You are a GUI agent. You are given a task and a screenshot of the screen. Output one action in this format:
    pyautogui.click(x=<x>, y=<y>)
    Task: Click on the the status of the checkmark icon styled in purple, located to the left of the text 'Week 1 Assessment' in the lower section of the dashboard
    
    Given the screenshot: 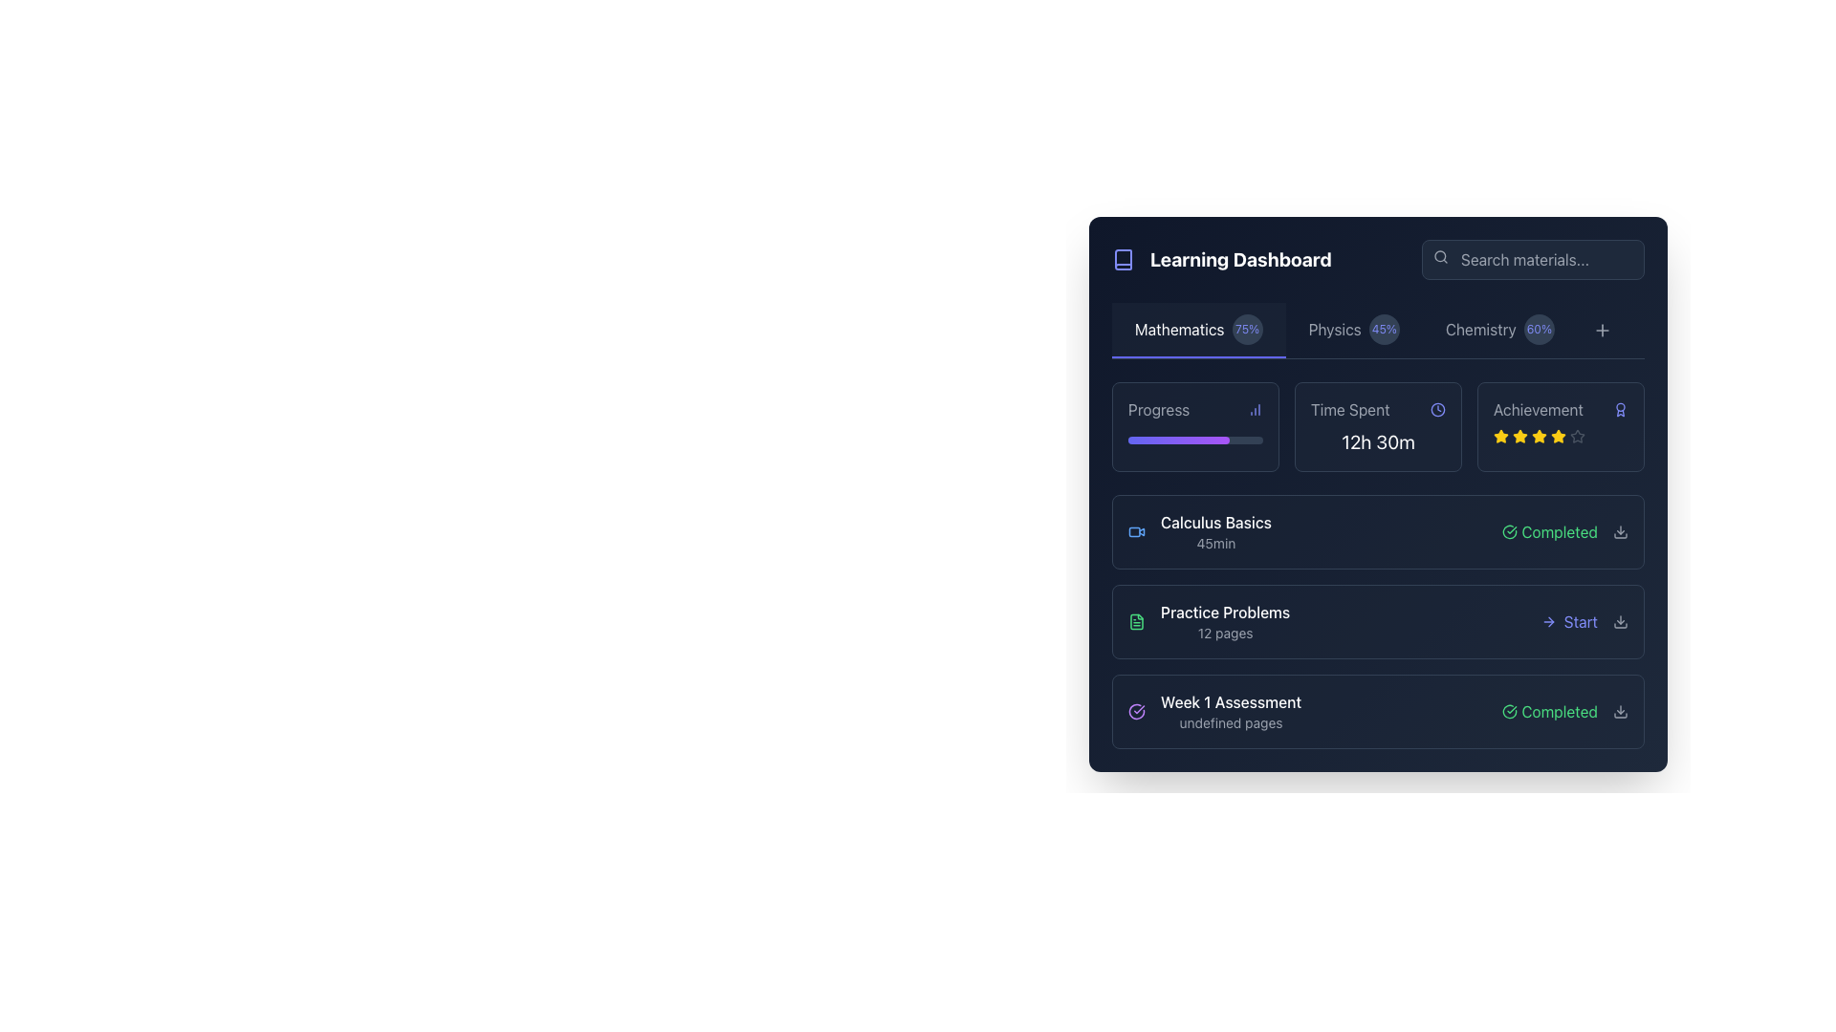 What is the action you would take?
    pyautogui.click(x=1137, y=711)
    